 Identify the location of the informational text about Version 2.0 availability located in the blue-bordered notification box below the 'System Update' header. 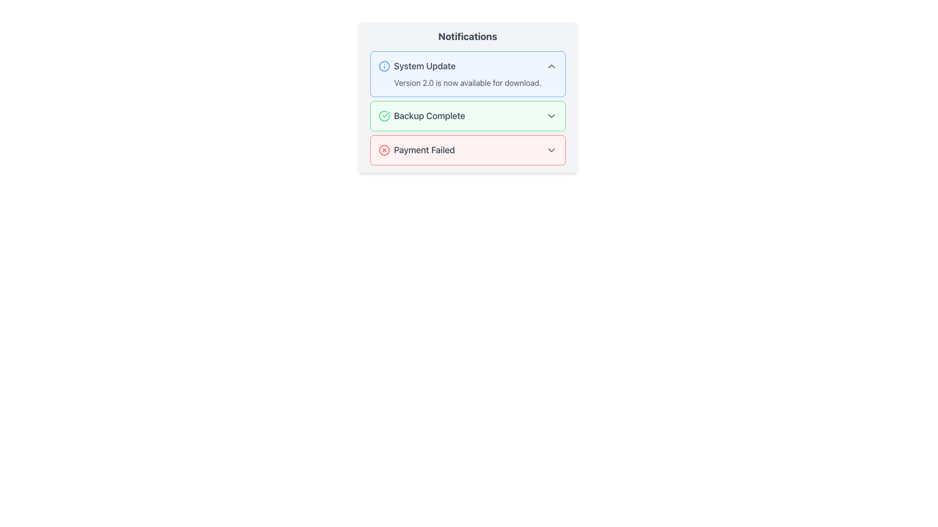
(467, 82).